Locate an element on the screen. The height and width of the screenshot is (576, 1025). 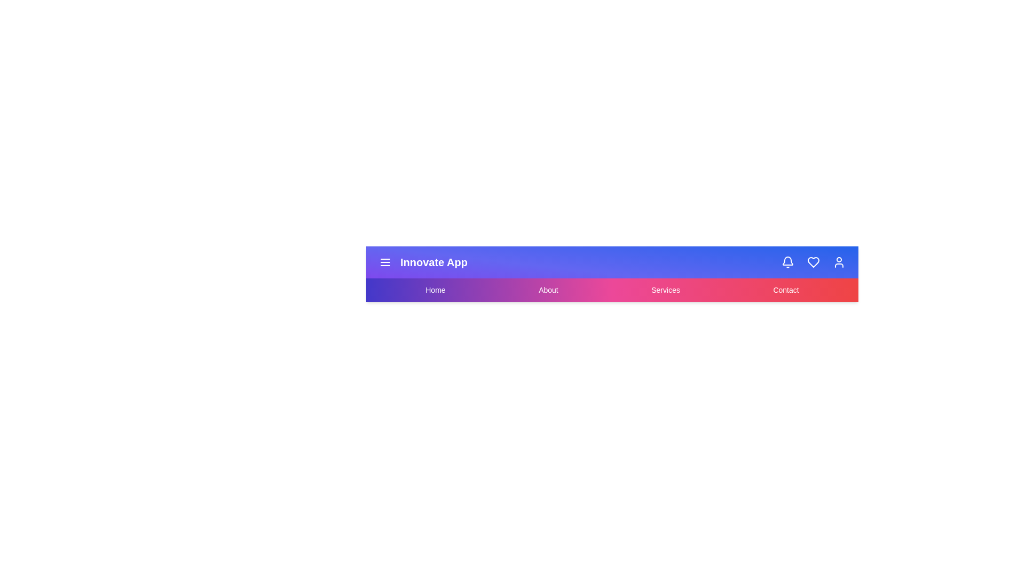
the interactive element Heart Icon is located at coordinates (813, 262).